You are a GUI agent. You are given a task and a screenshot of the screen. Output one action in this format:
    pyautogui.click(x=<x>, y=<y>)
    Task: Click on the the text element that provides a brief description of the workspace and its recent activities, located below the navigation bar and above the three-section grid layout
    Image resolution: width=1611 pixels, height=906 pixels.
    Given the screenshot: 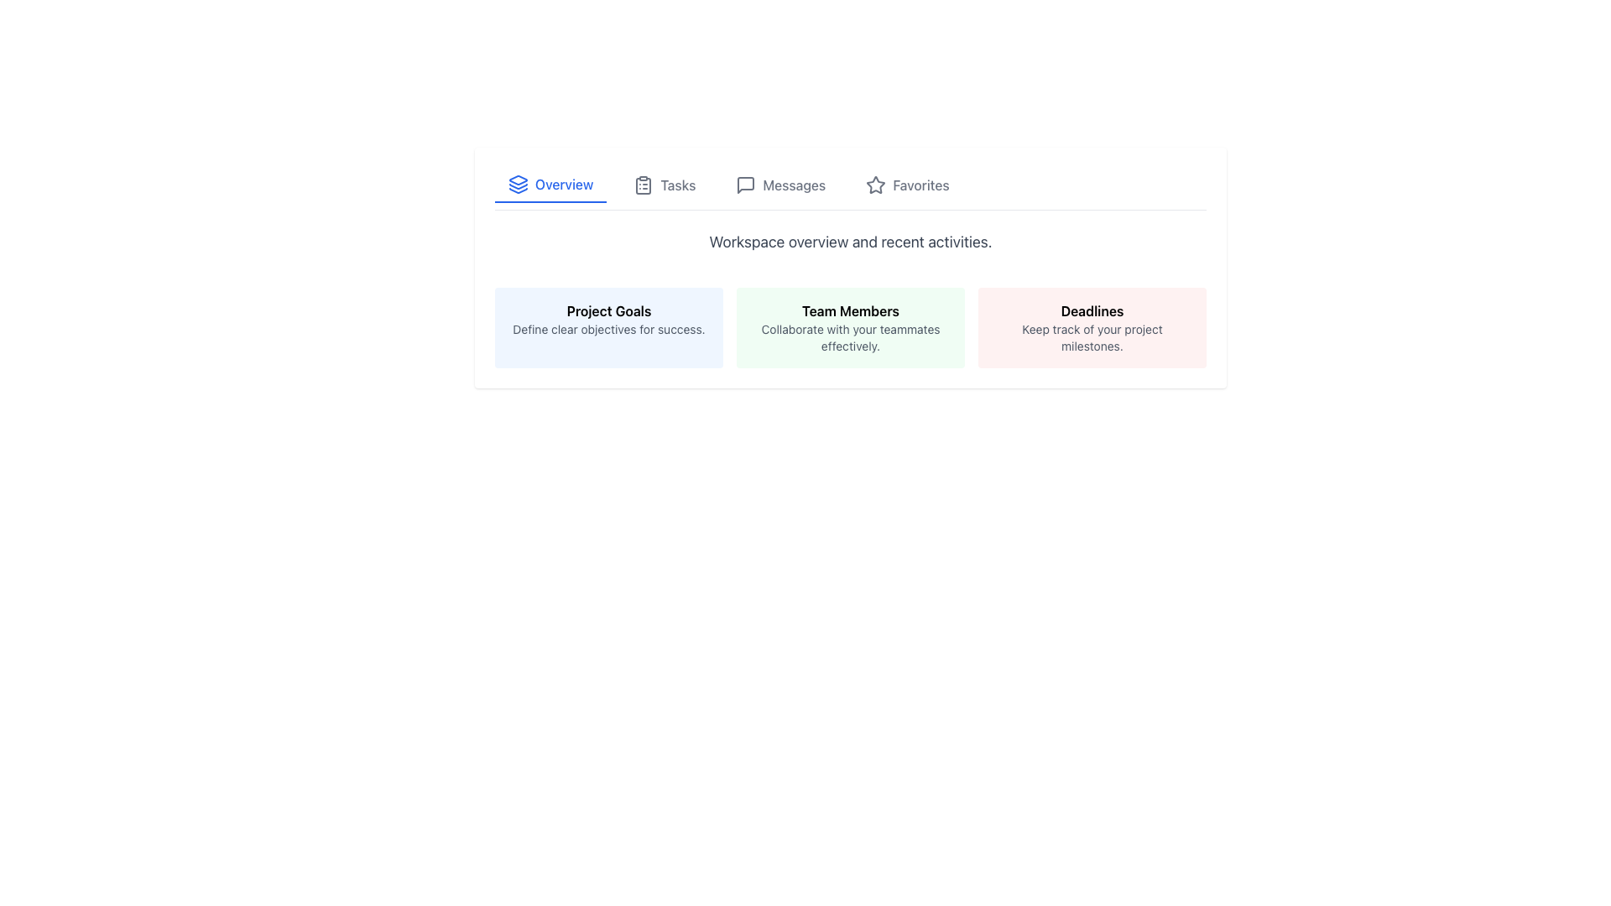 What is the action you would take?
    pyautogui.click(x=850, y=242)
    